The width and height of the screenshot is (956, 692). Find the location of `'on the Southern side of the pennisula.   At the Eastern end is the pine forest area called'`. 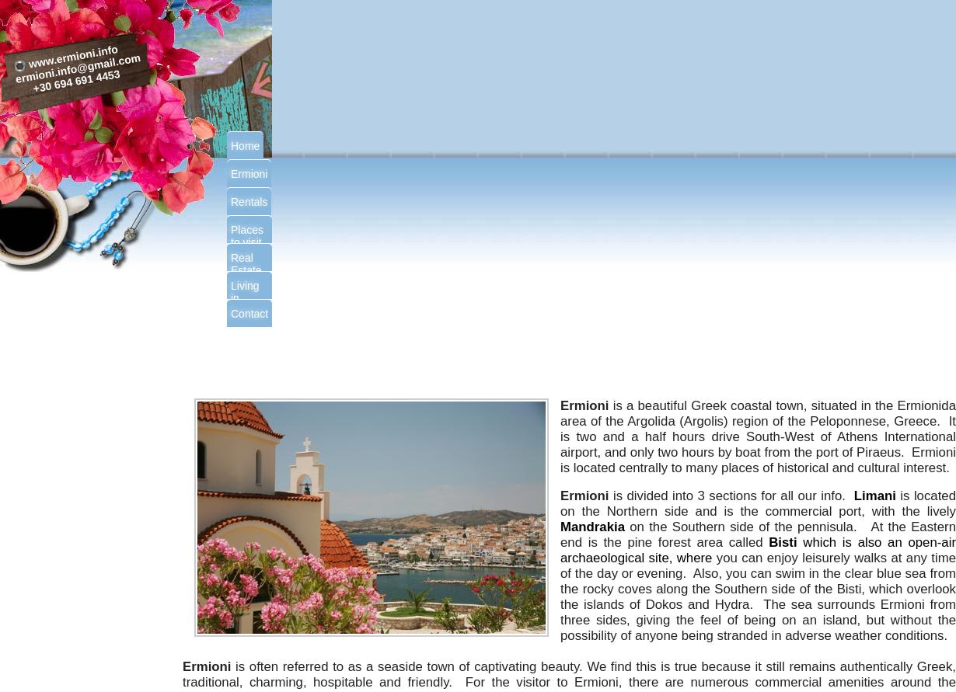

'on the Southern side of the pennisula.   At the Eastern end is the pine forest area called' is located at coordinates (757, 534).